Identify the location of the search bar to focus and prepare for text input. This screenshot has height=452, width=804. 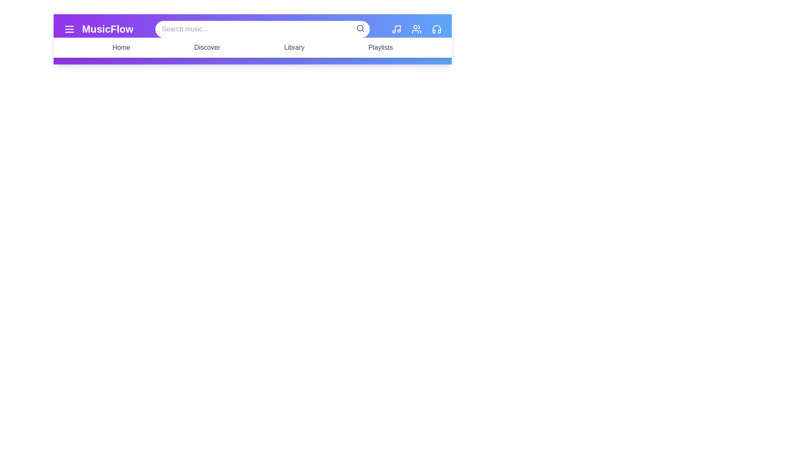
(262, 28).